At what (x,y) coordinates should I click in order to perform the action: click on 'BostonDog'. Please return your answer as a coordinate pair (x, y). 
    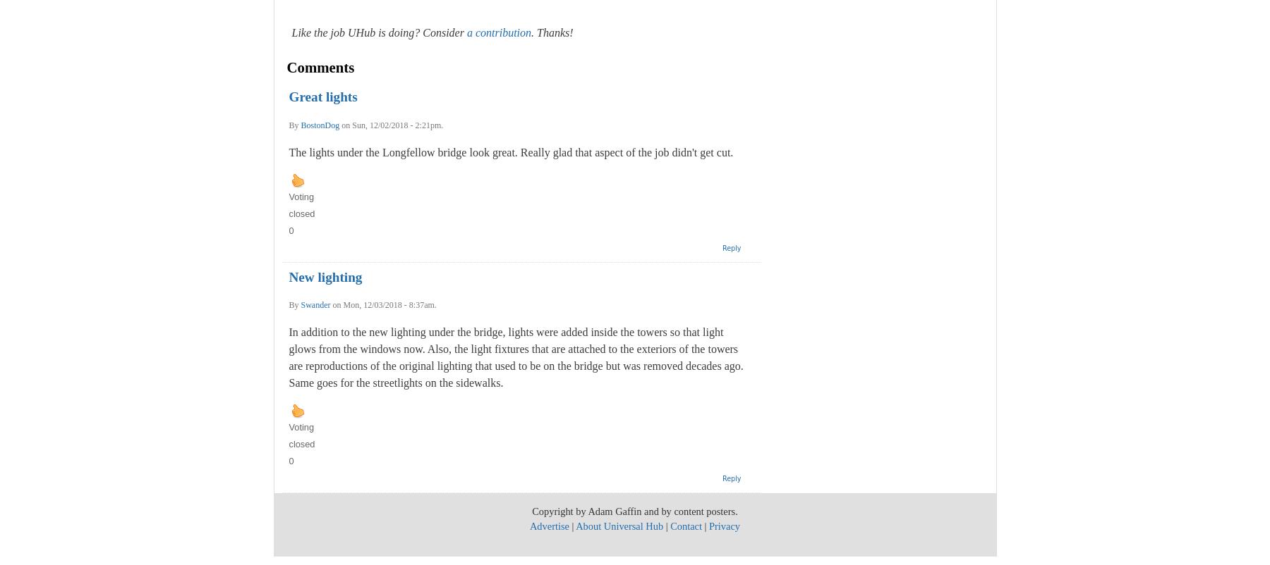
    Looking at the image, I should click on (301, 125).